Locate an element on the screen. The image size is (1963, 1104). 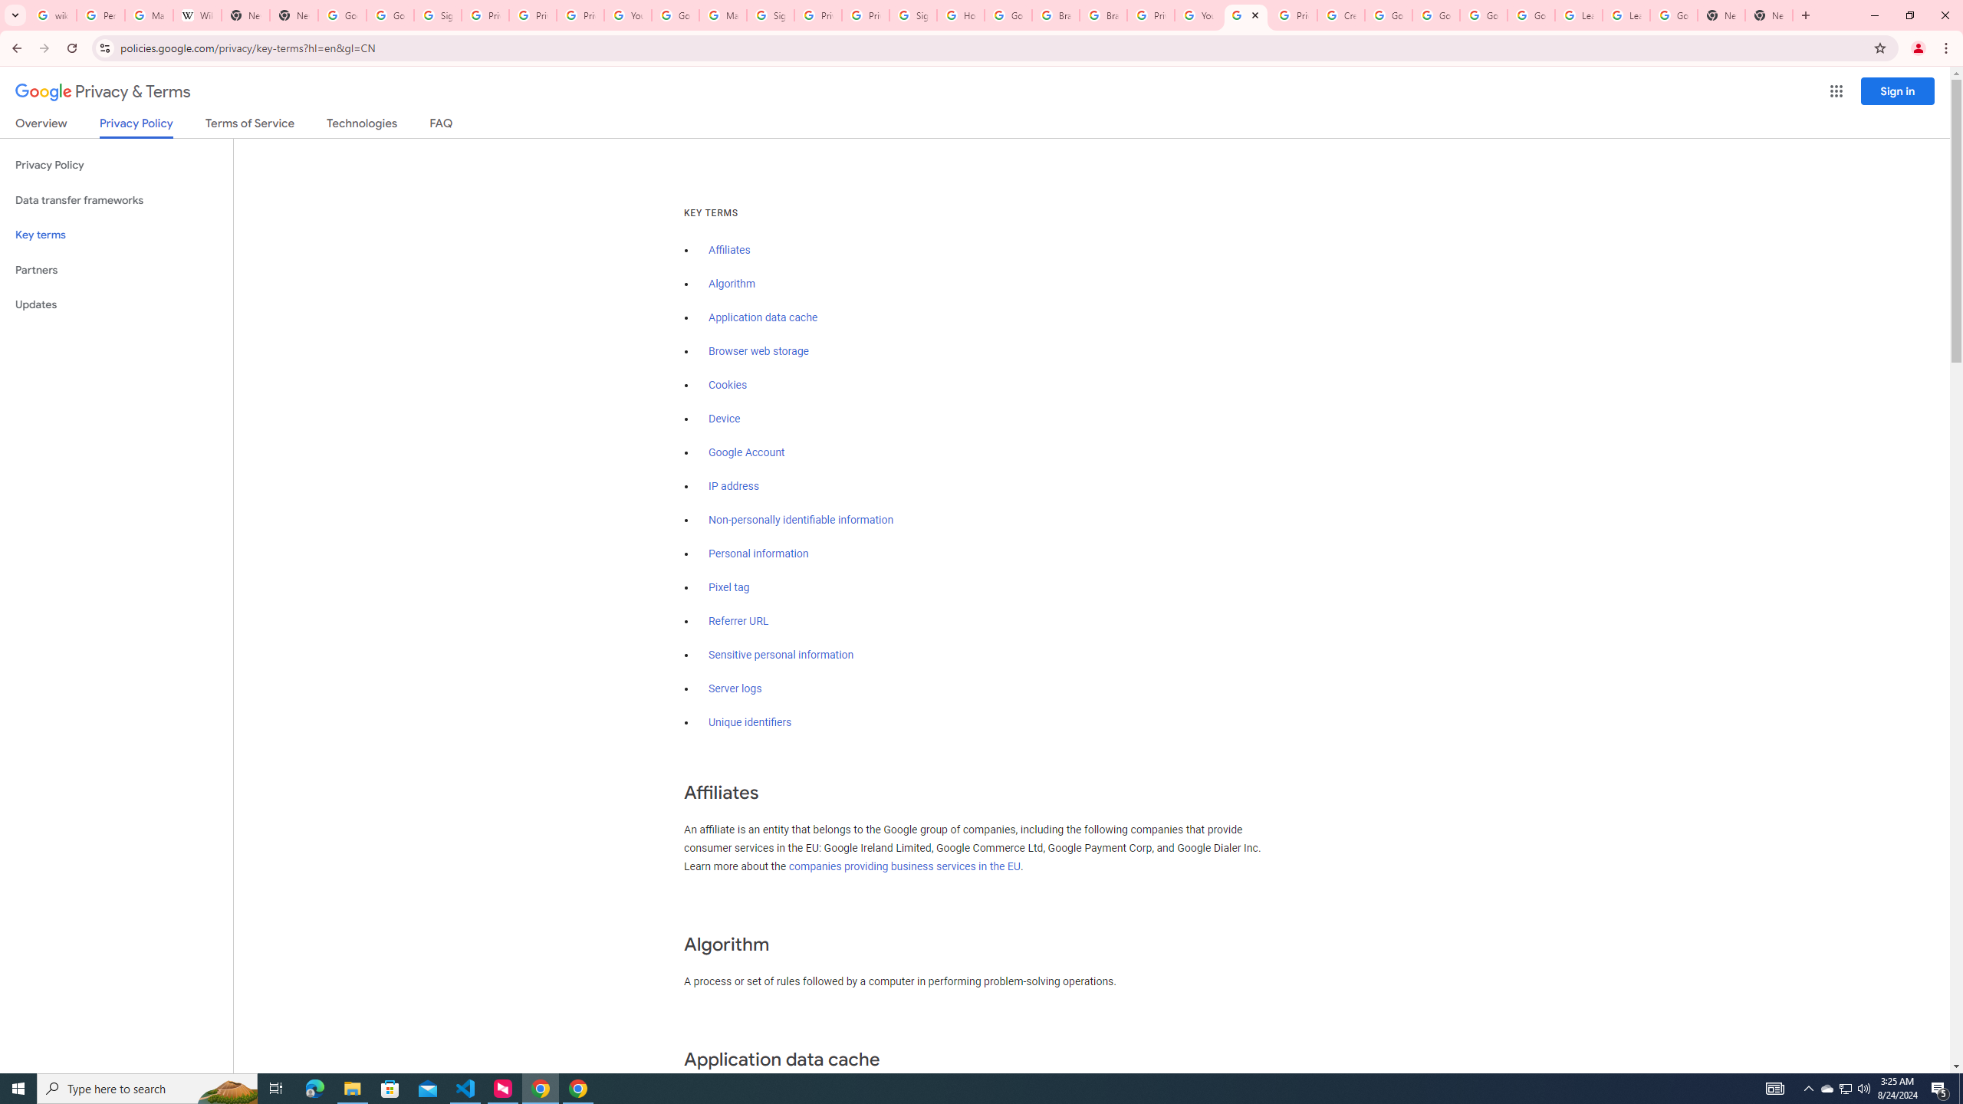
'companies providing business services in the EU' is located at coordinates (904, 866).